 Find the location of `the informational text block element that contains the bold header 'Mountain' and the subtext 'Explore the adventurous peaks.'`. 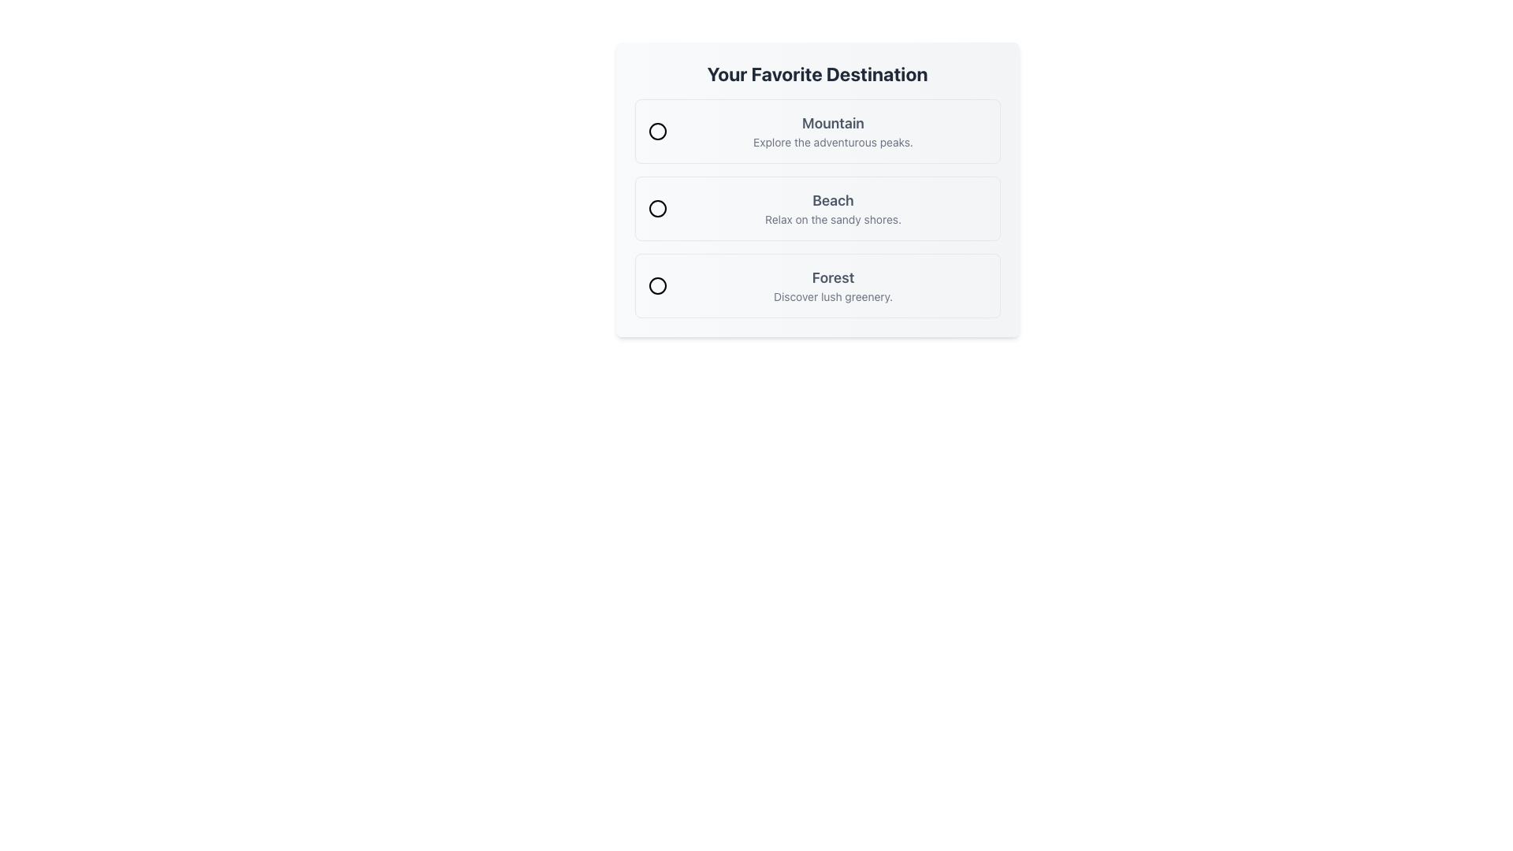

the informational text block element that contains the bold header 'Mountain' and the subtext 'Explore the adventurous peaks.' is located at coordinates (832, 130).